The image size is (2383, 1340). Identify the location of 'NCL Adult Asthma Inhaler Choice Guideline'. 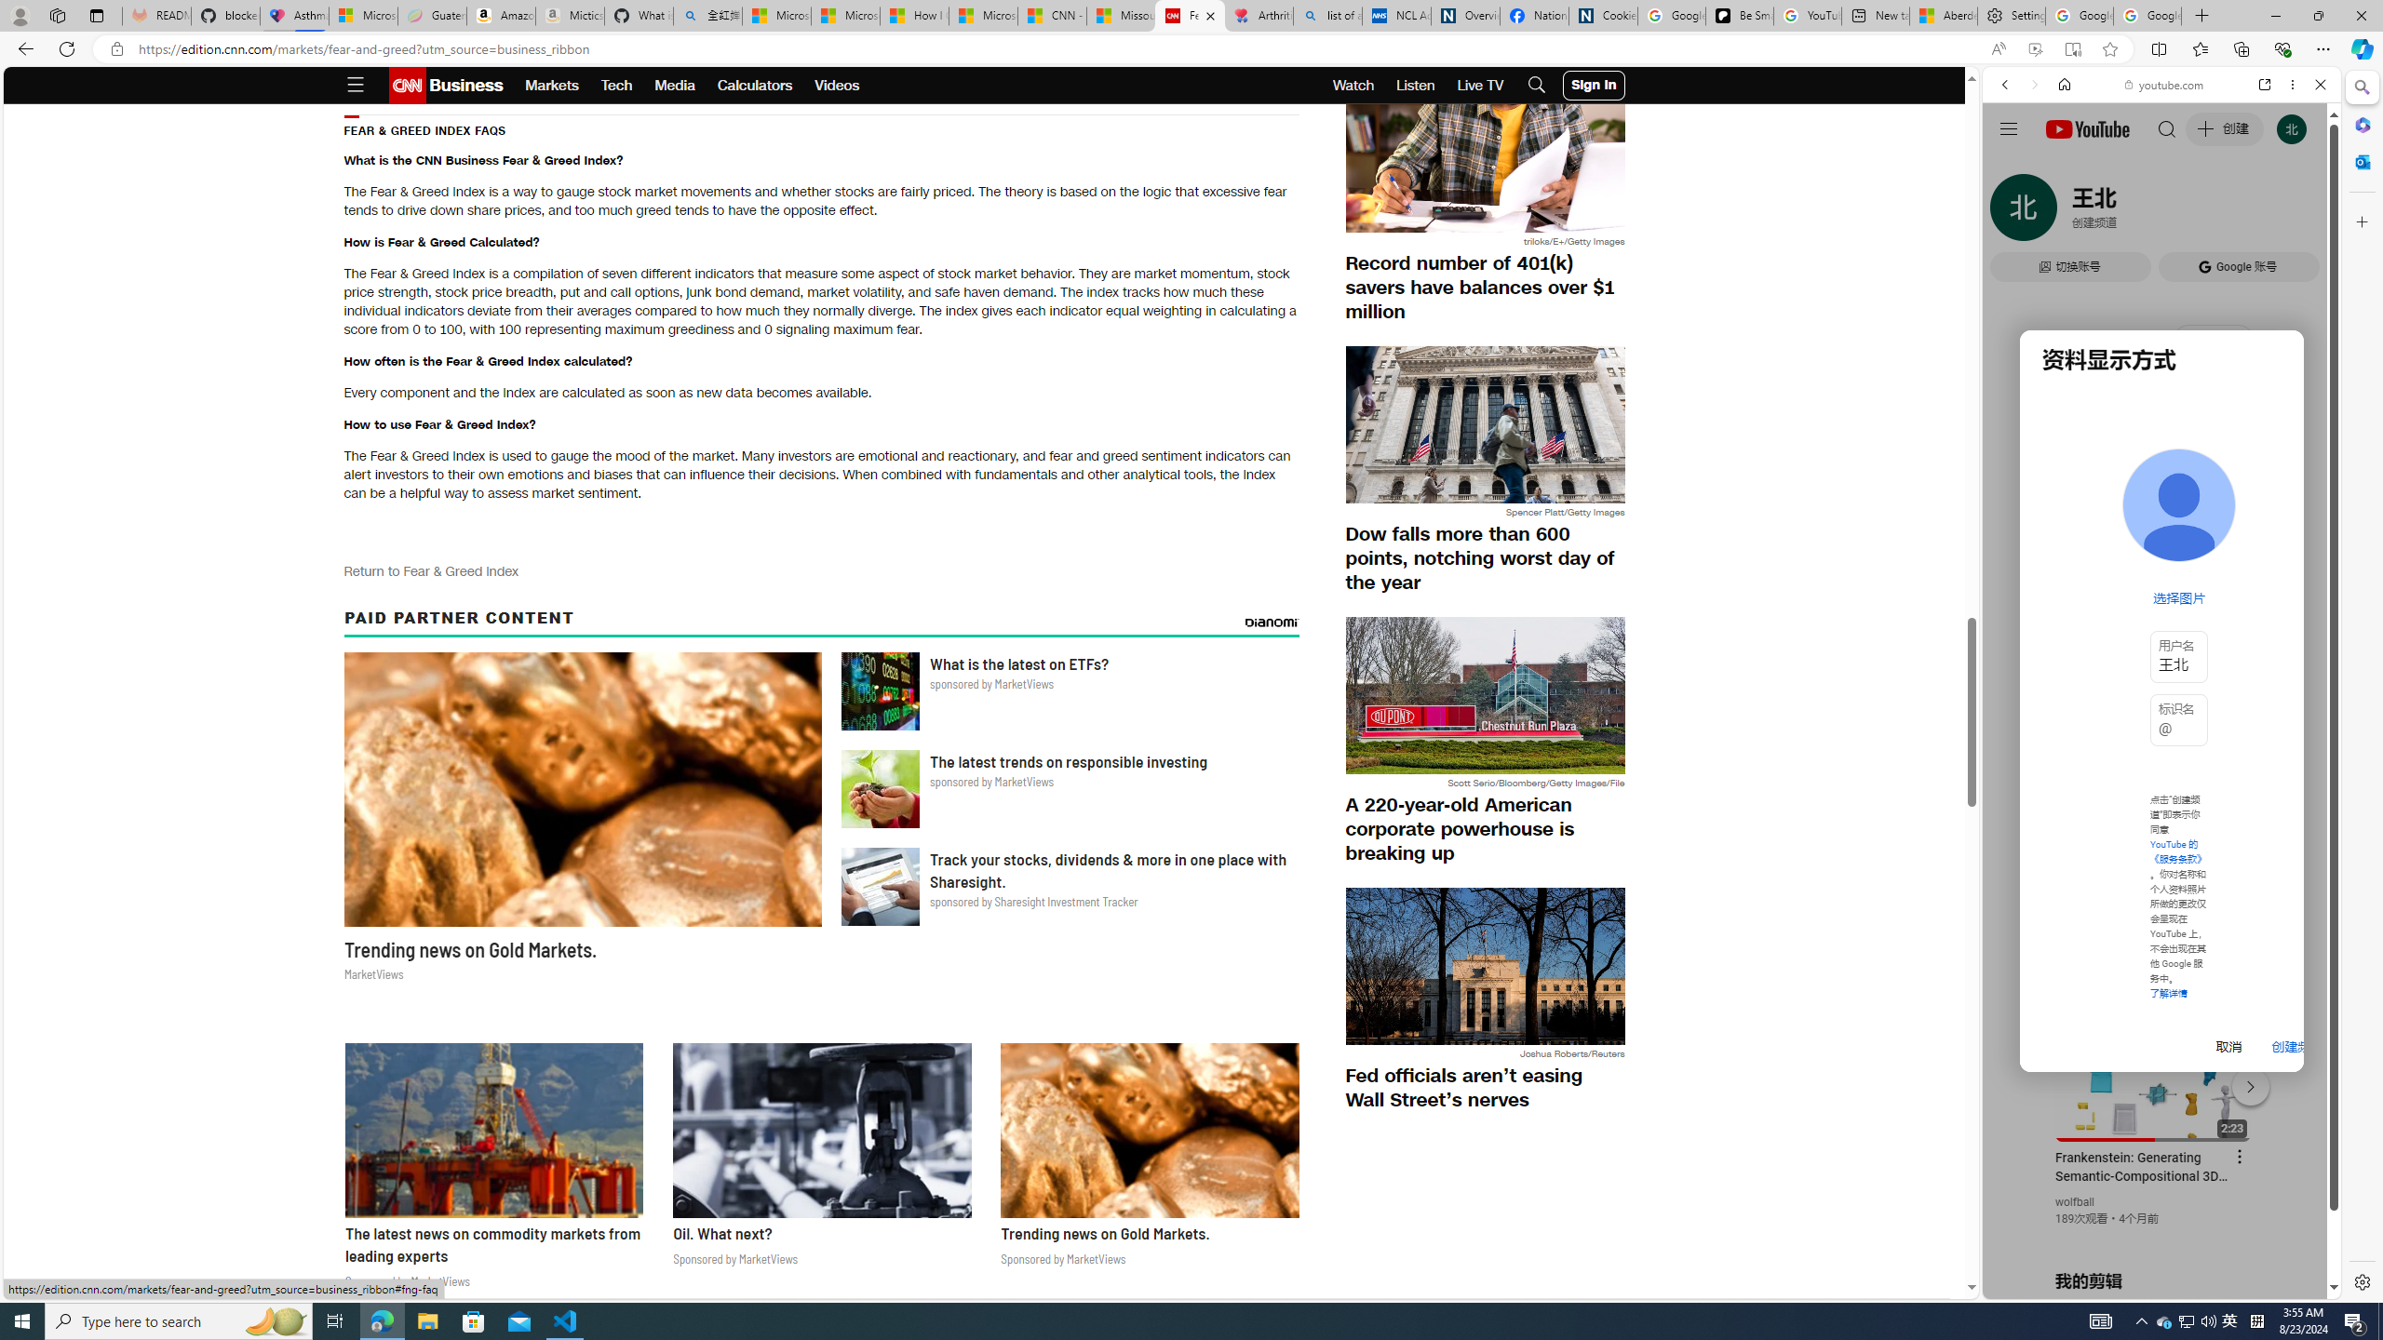
(1396, 15).